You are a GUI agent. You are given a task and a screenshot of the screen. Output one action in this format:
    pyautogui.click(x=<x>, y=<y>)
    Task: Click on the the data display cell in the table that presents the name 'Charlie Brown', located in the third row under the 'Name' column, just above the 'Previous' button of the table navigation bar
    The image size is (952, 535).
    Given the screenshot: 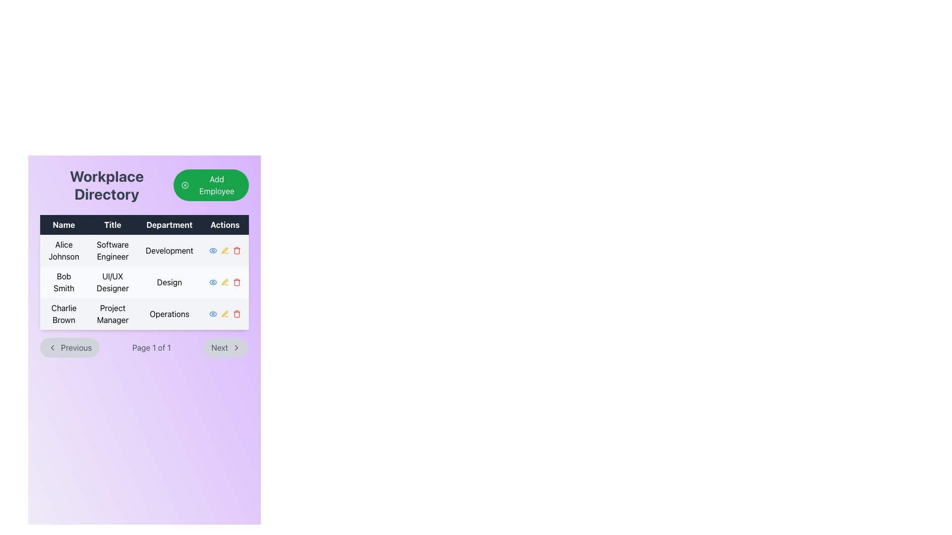 What is the action you would take?
    pyautogui.click(x=63, y=314)
    